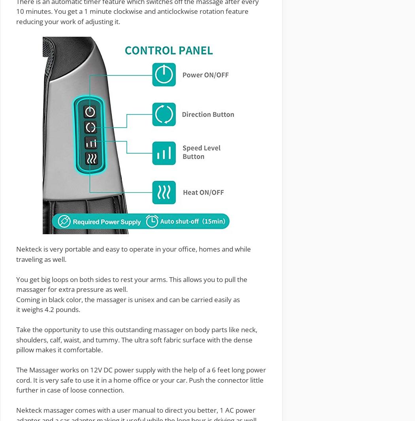 Image resolution: width=415 pixels, height=421 pixels. Describe the element at coordinates (125, 299) in the screenshot. I see `'massager is unisex'` at that location.